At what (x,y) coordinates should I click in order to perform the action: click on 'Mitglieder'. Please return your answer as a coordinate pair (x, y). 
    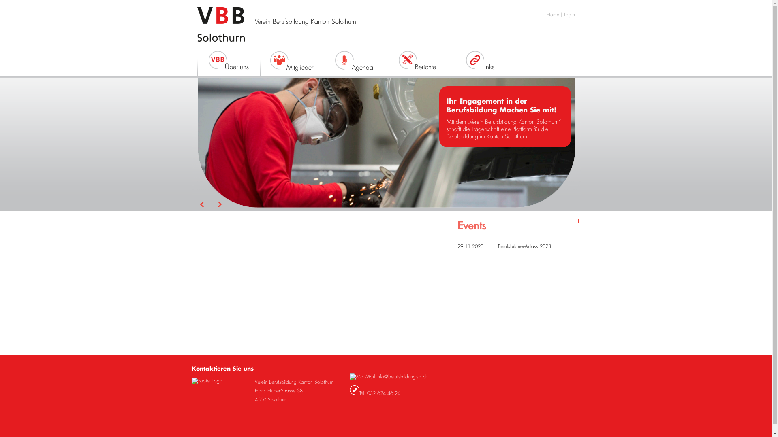
    Looking at the image, I should click on (279, 60).